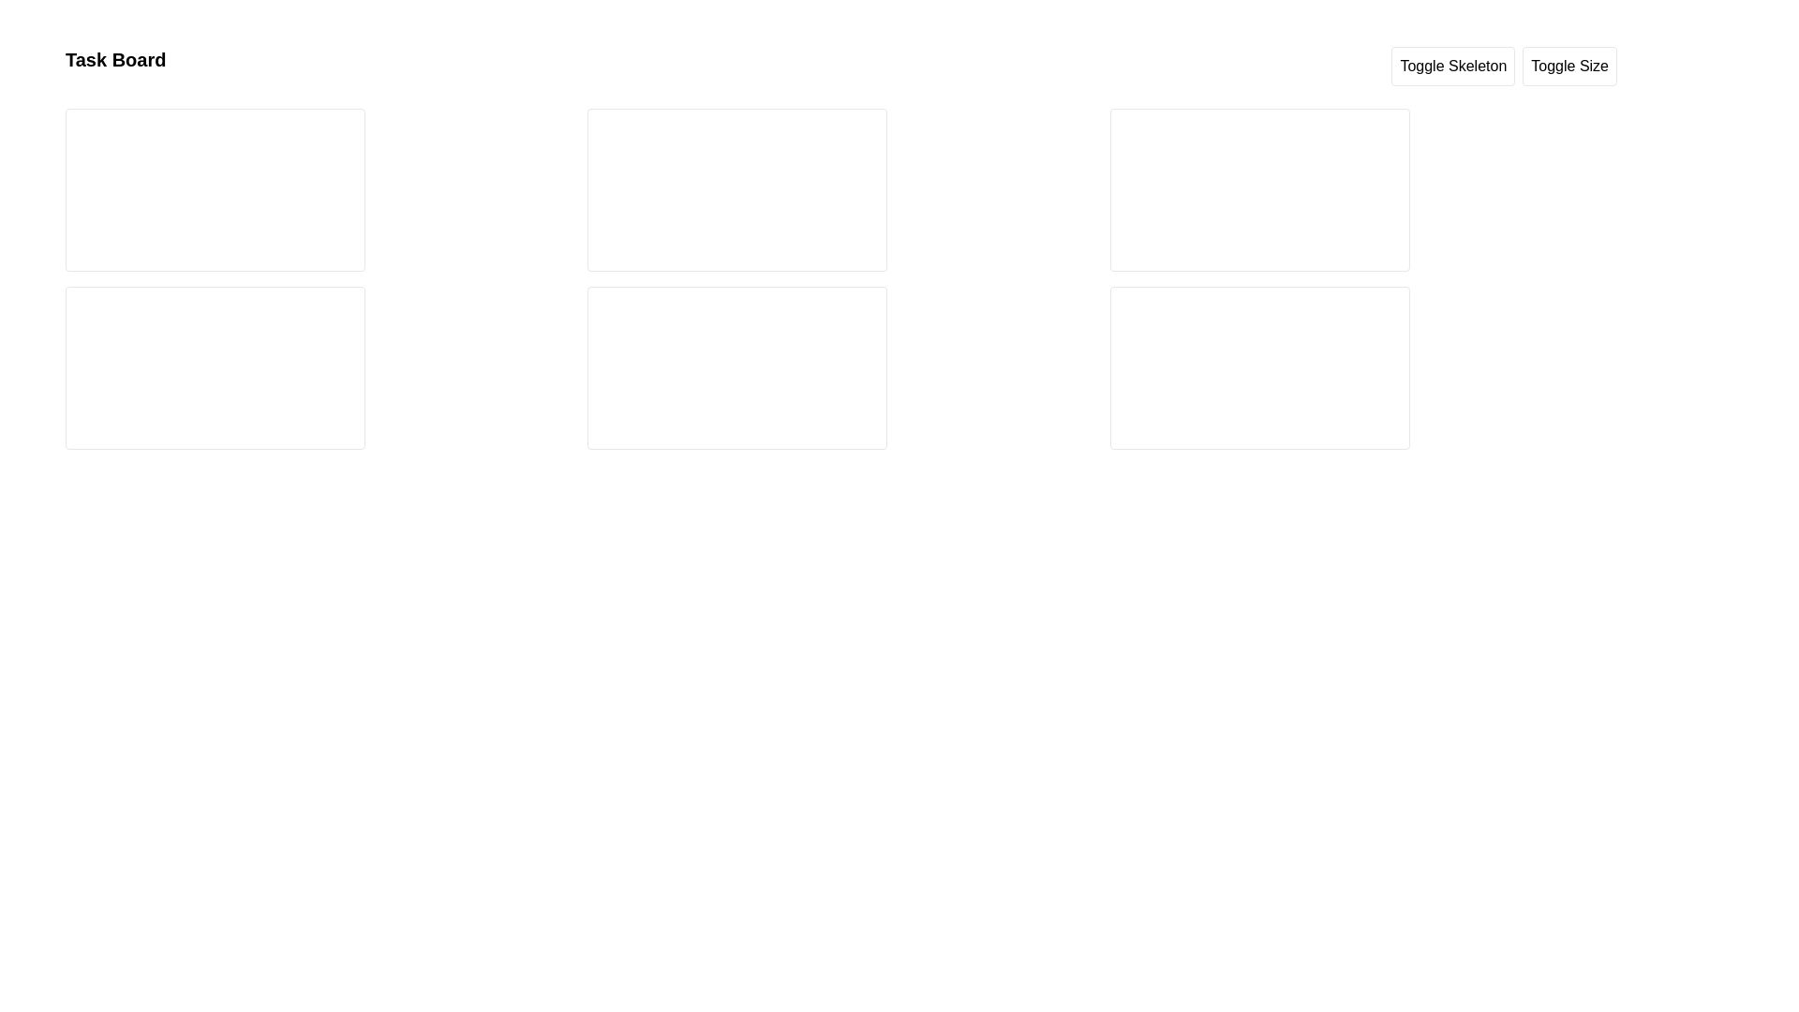 The height and width of the screenshot is (1012, 1799). Describe the element at coordinates (1214, 245) in the screenshot. I see `the third Skeleton placeholder in the rightmost column of the user interface, which visually indicates a loading state for content` at that location.